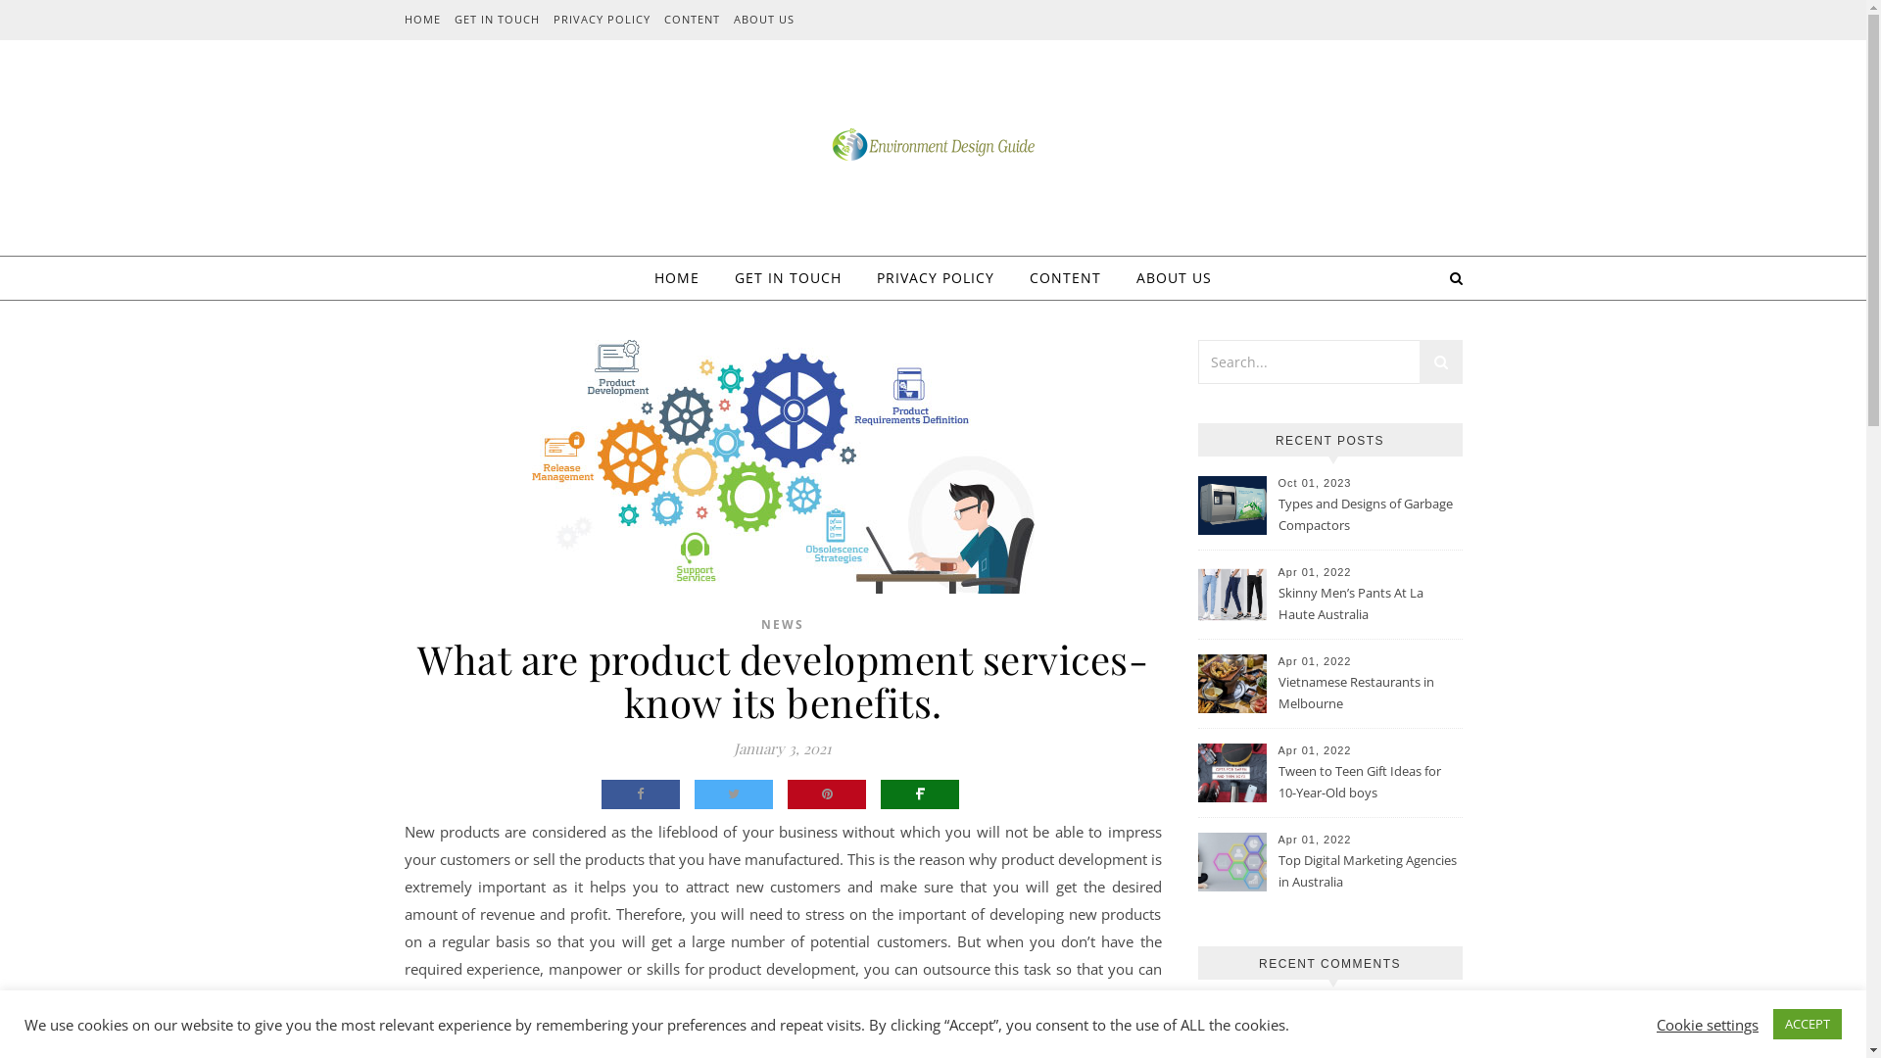 The height and width of the screenshot is (1058, 1881). I want to click on 'NEWS', so click(781, 624).